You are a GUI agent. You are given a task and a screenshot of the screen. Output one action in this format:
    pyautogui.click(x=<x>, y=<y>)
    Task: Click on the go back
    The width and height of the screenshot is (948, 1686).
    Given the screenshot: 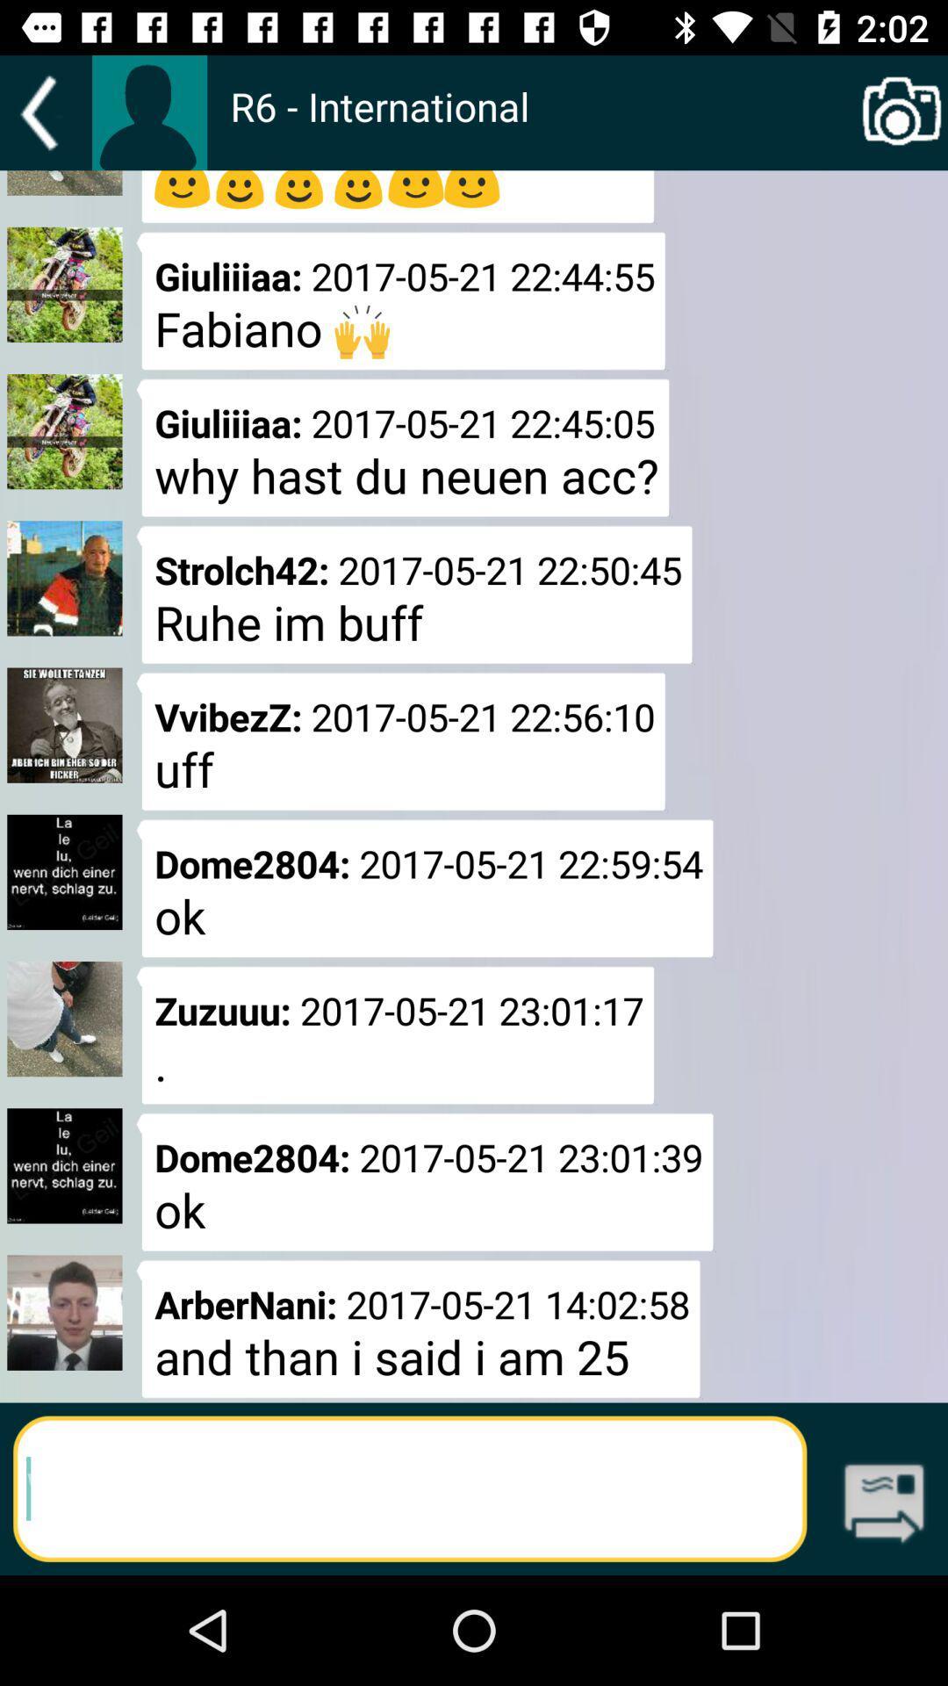 What is the action you would take?
    pyautogui.click(x=45, y=112)
    